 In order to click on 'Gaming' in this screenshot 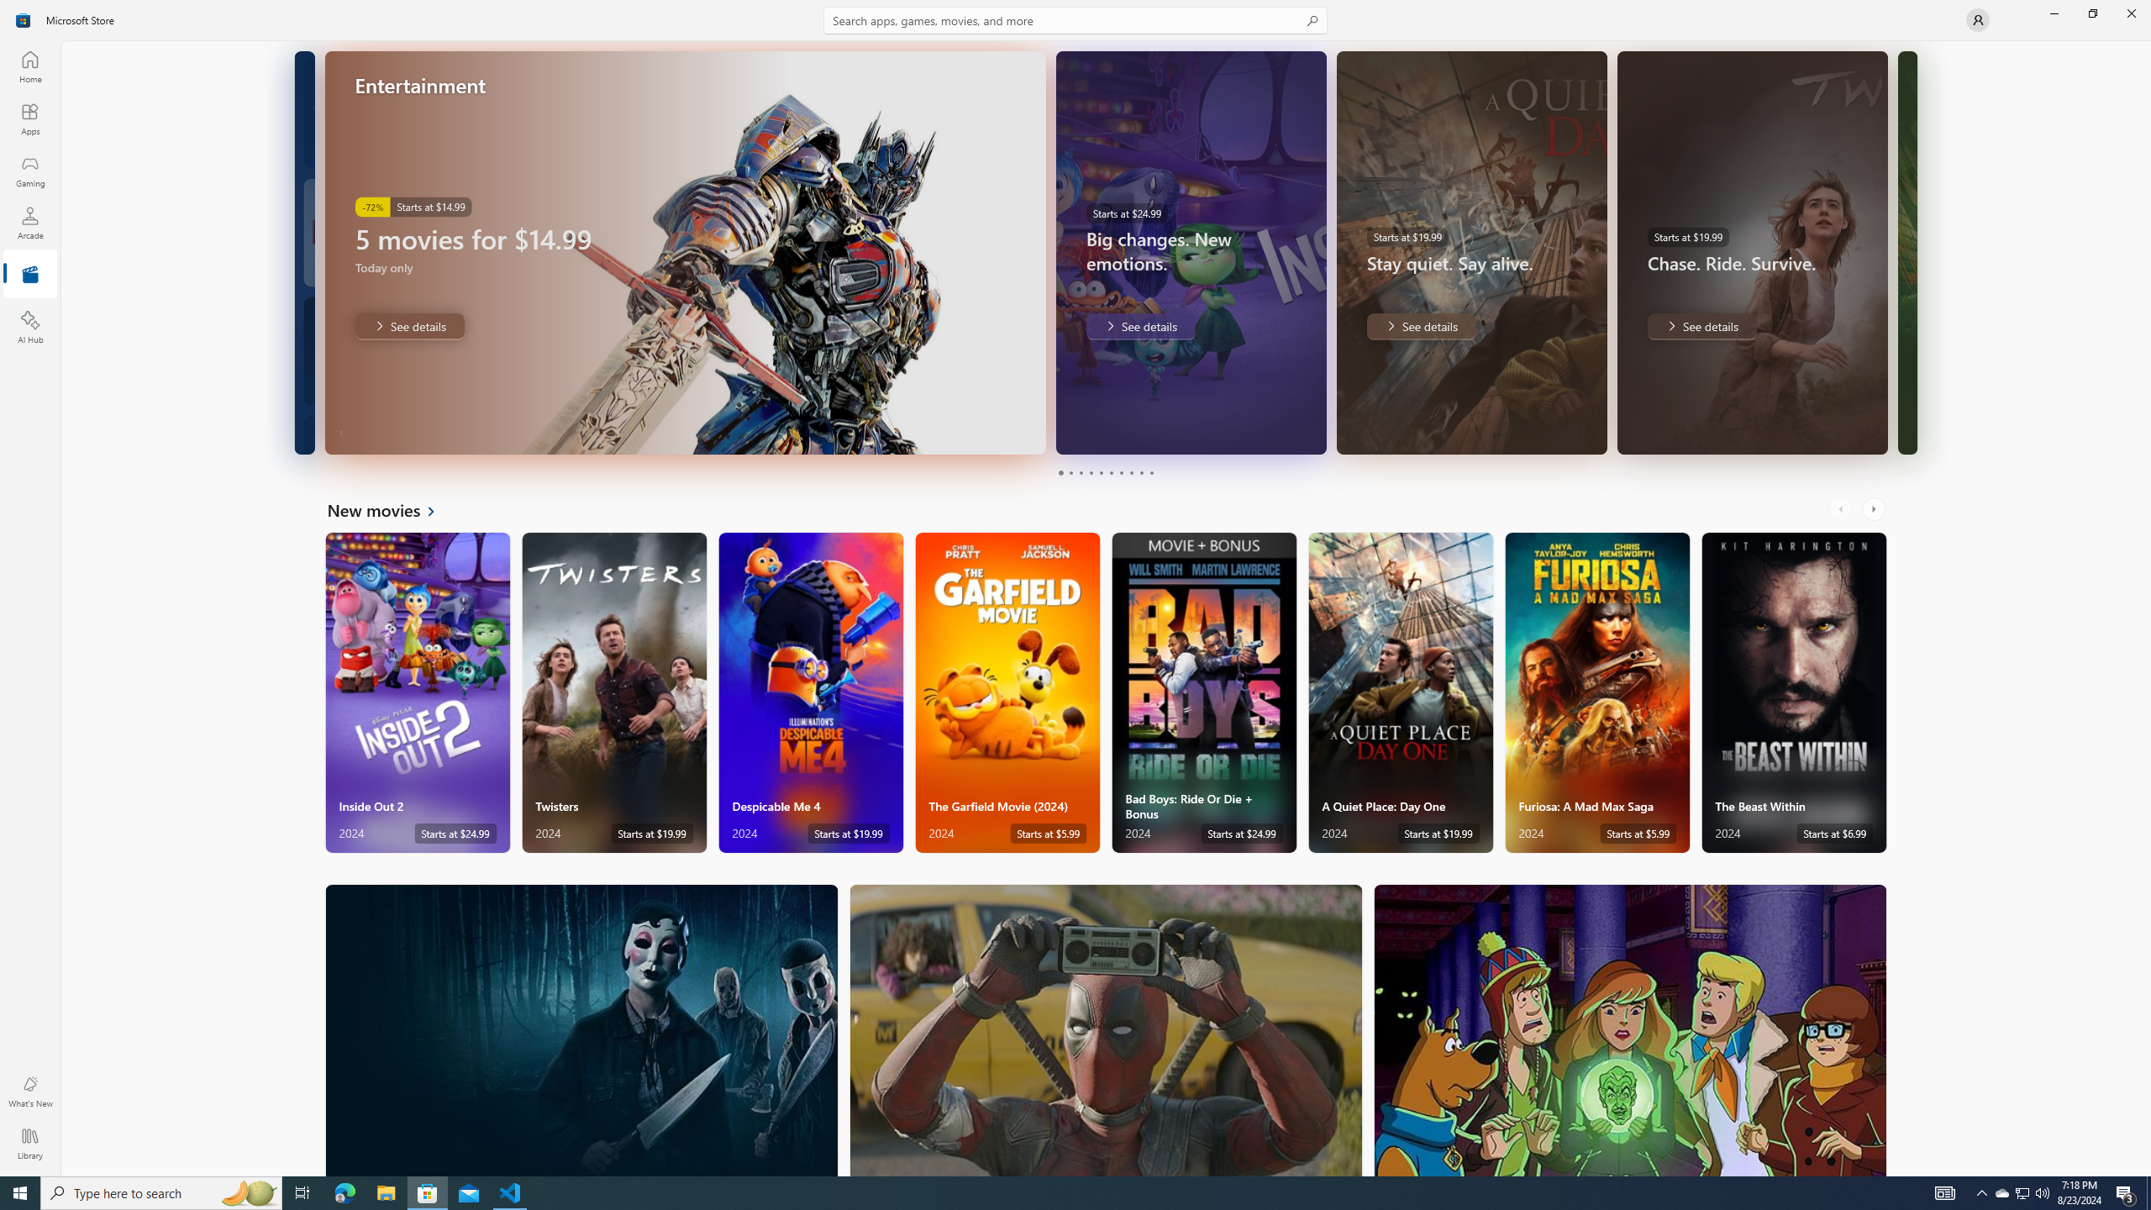, I will do `click(29, 170)`.